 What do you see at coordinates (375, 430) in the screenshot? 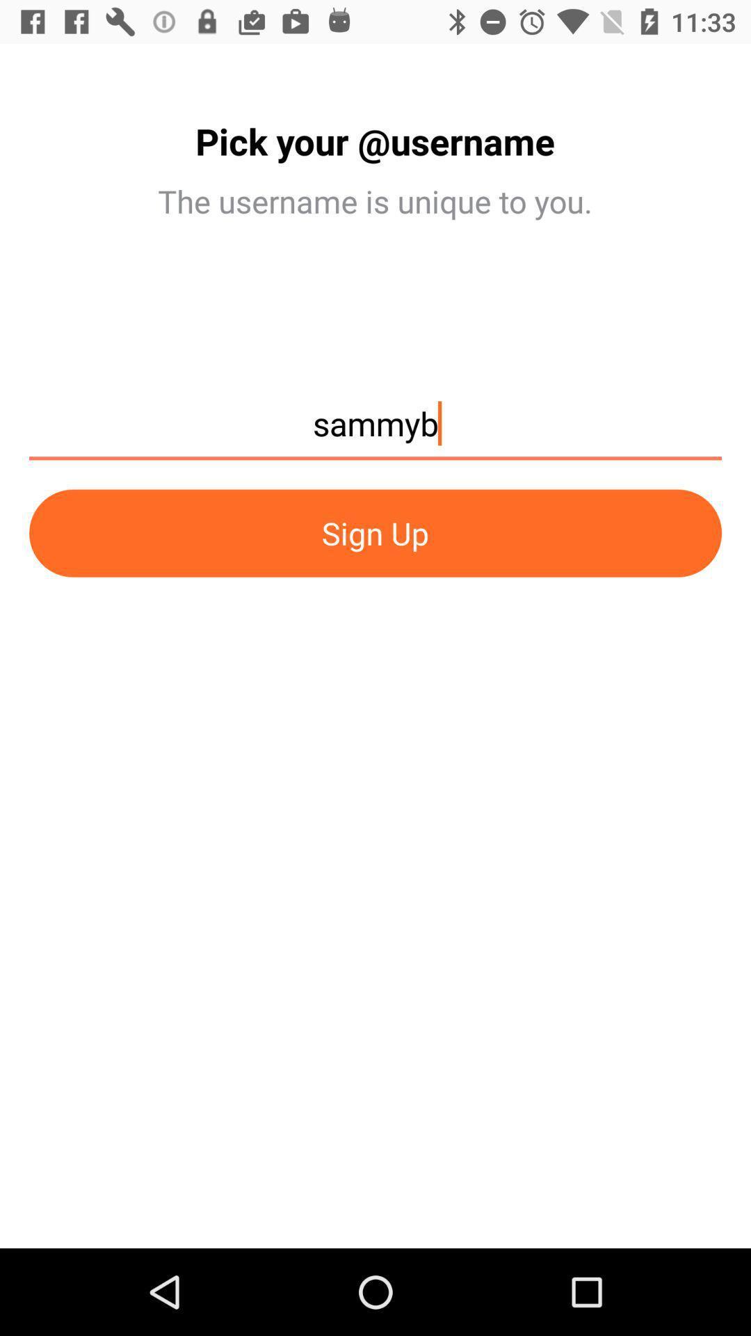
I see `sammyb` at bounding box center [375, 430].